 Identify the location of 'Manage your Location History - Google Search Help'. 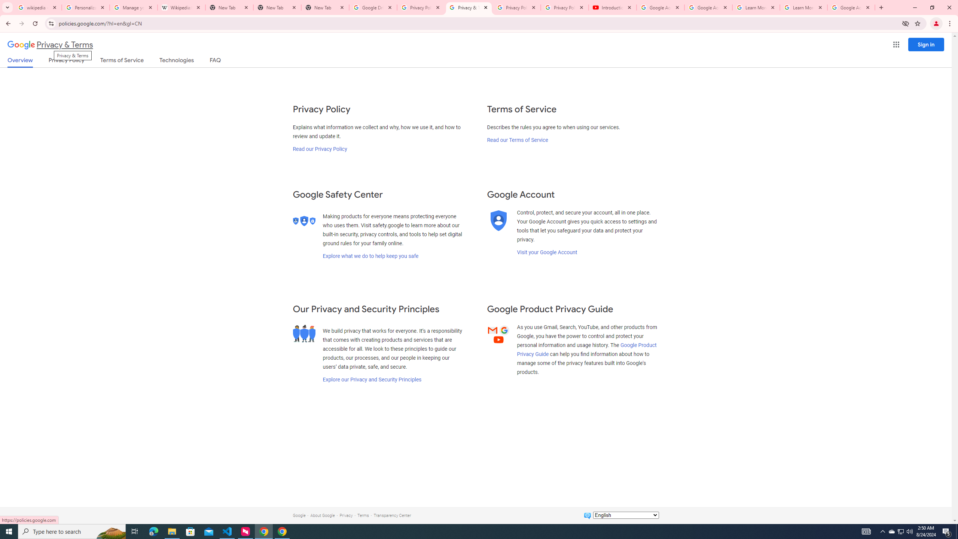
(133, 7).